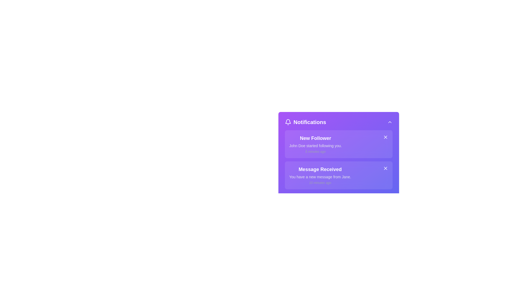 The height and width of the screenshot is (290, 517). What do you see at coordinates (315, 138) in the screenshot?
I see `the Text label at the top of the notification card, which conveys the primary title of the alert, located in the purple notification panel` at bounding box center [315, 138].